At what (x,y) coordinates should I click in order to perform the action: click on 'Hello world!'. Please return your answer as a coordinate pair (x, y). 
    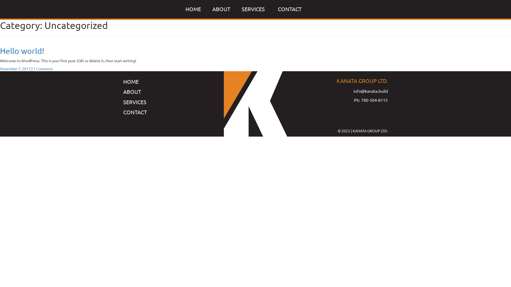
    Looking at the image, I should click on (22, 51).